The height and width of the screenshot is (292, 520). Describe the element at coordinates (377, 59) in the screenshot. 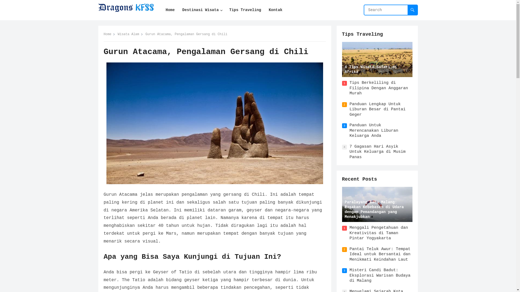

I see `'4 Tips Wisata Safari di Afrika'` at that location.